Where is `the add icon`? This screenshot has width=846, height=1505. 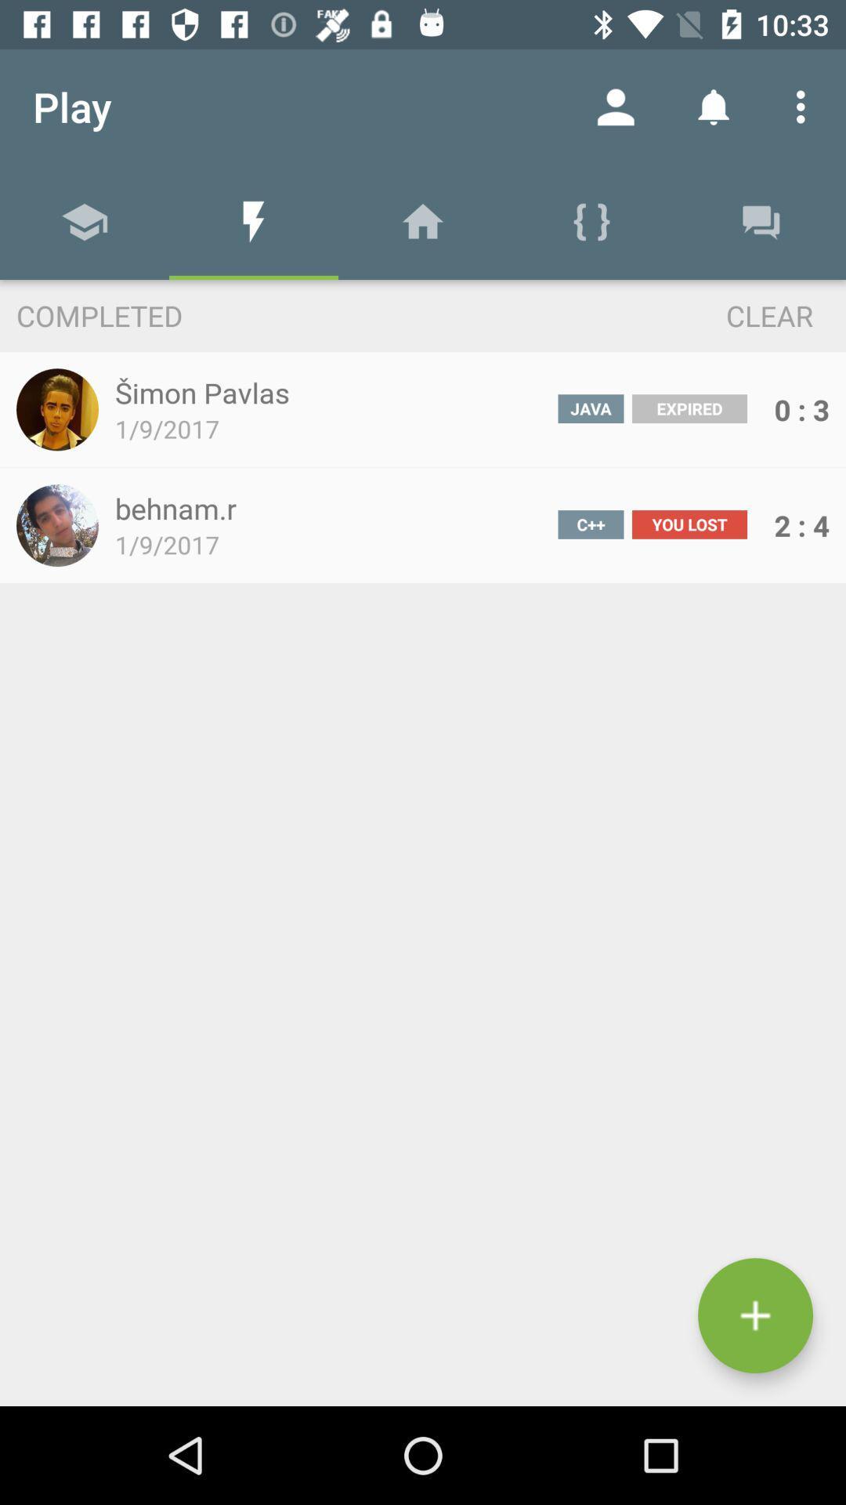
the add icon is located at coordinates (754, 1315).